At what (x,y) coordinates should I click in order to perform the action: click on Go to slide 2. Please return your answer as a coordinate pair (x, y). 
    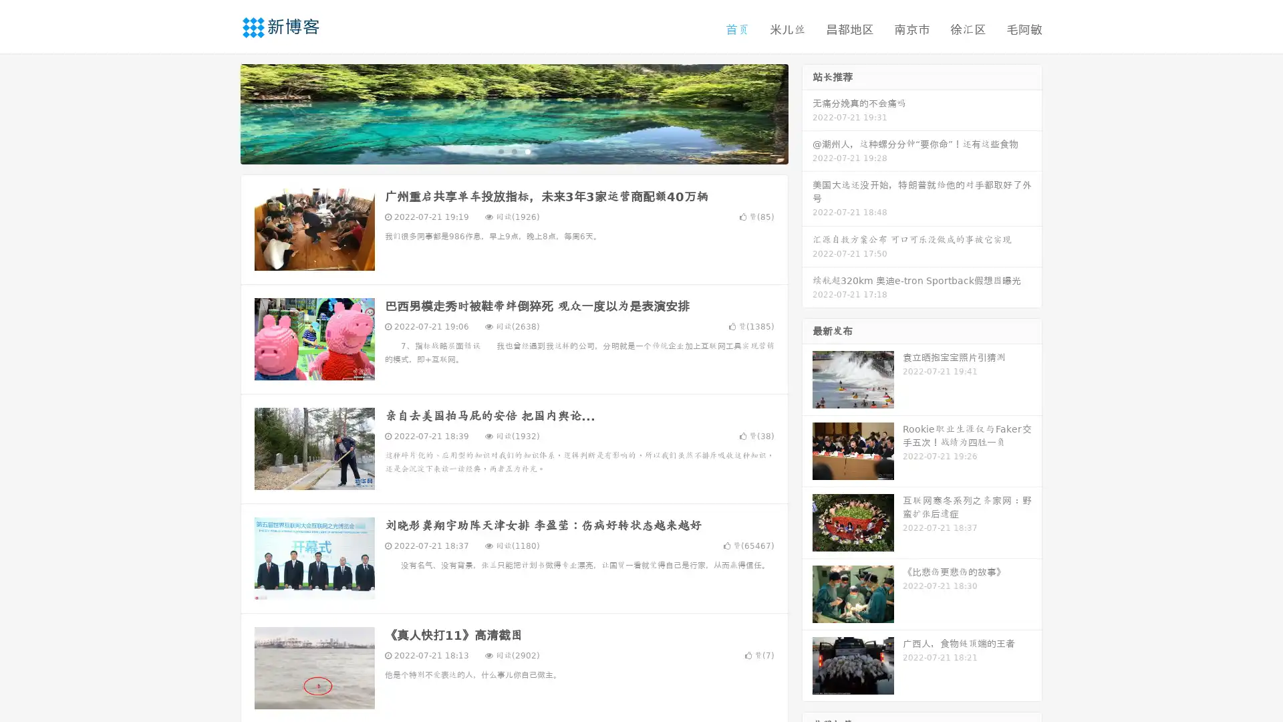
    Looking at the image, I should click on (513, 150).